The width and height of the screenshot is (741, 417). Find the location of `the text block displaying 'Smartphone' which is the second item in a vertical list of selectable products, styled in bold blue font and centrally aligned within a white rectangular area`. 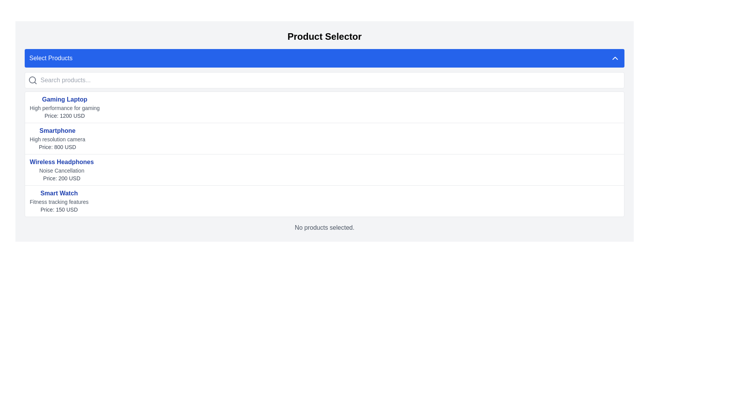

the text block displaying 'Smartphone' which is the second item in a vertical list of selectable products, styled in bold blue font and centrally aligned within a white rectangular area is located at coordinates (57, 138).